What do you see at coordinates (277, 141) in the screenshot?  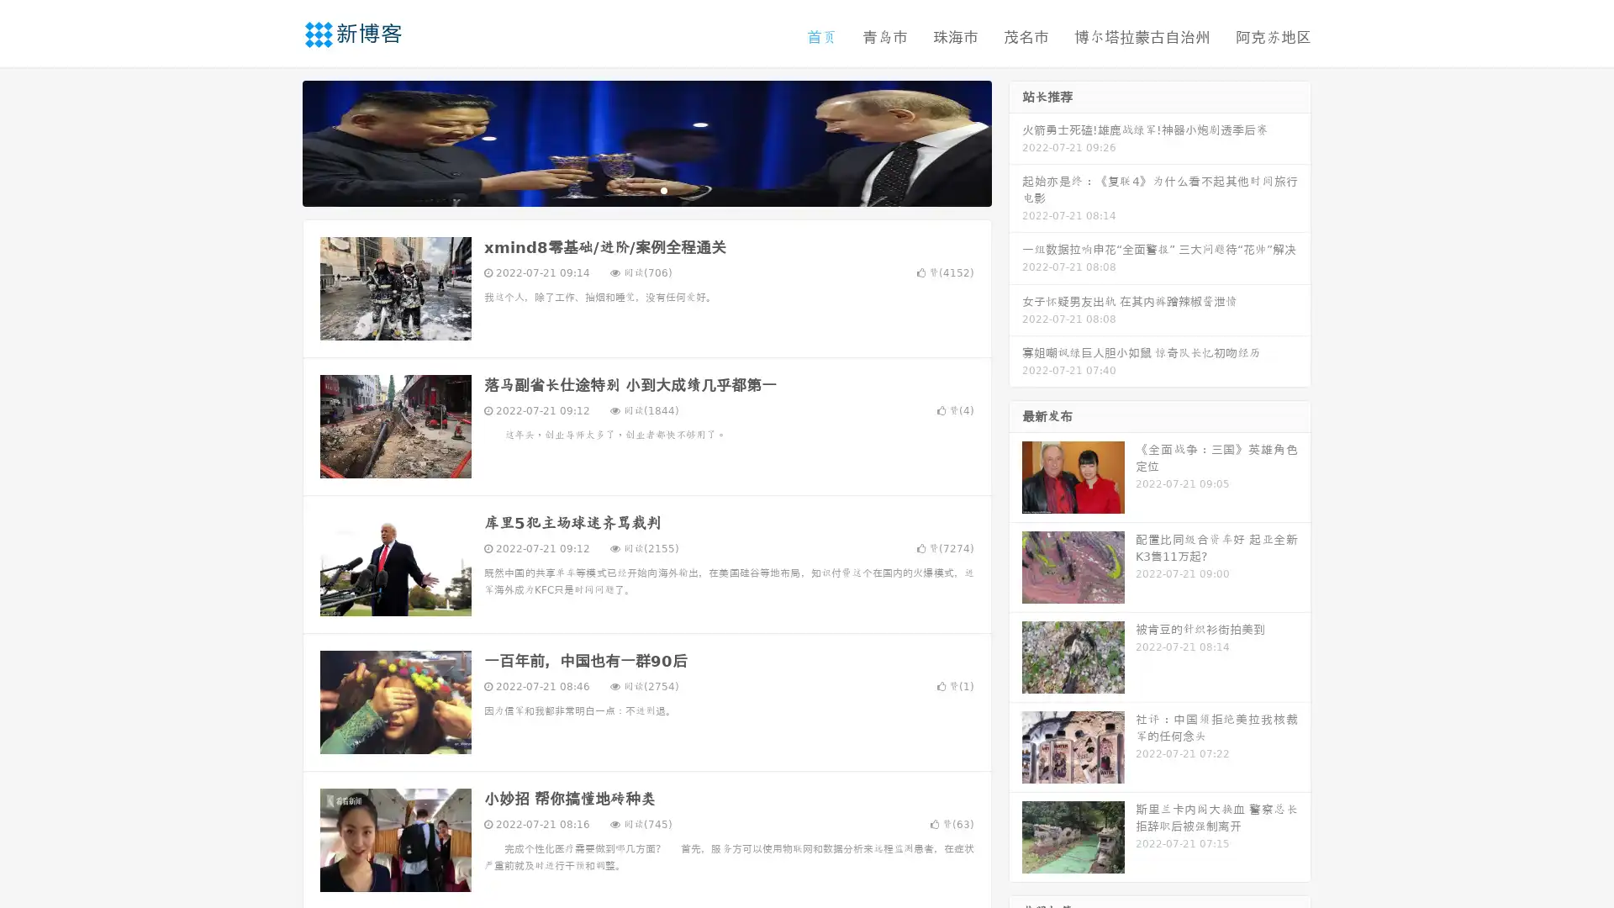 I see `Previous slide` at bounding box center [277, 141].